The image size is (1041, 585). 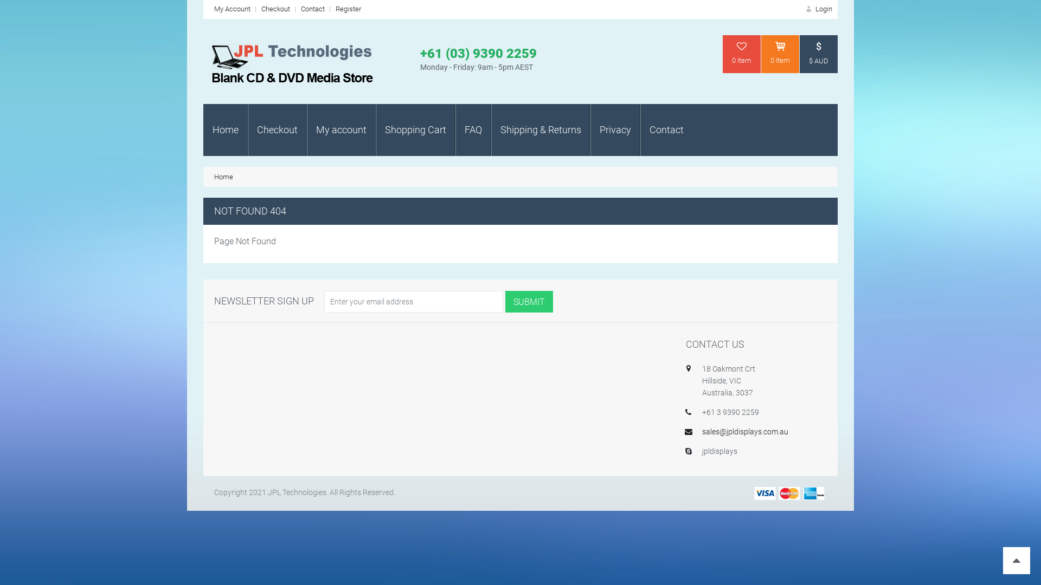 What do you see at coordinates (590, 129) in the screenshot?
I see `'Privacy'` at bounding box center [590, 129].